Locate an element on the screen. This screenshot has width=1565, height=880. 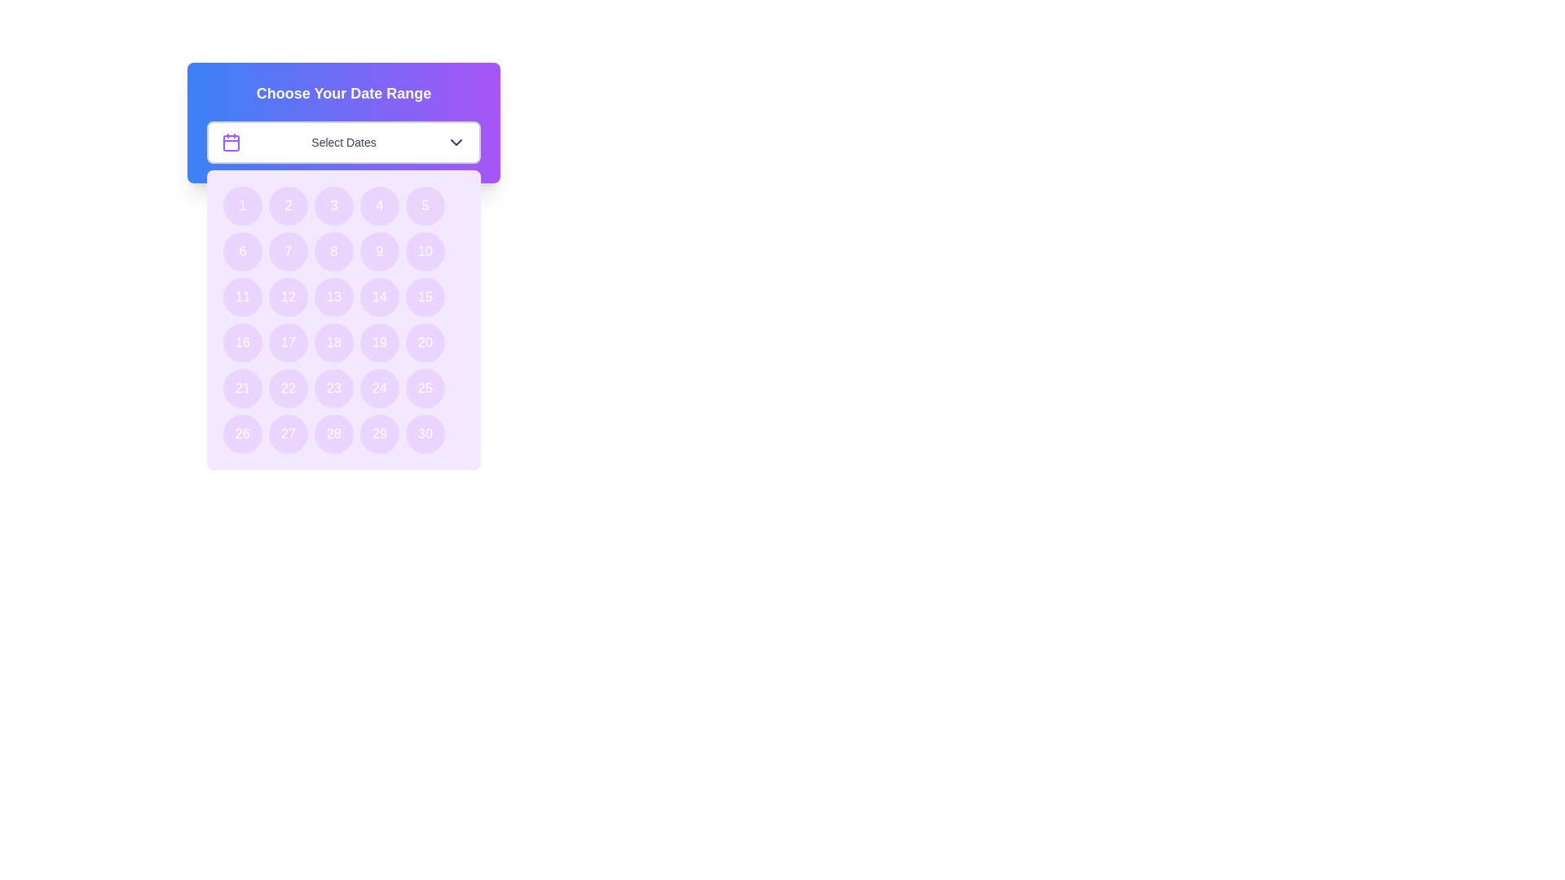
the circular button labeled '9' with a light purple background is located at coordinates (378, 251).